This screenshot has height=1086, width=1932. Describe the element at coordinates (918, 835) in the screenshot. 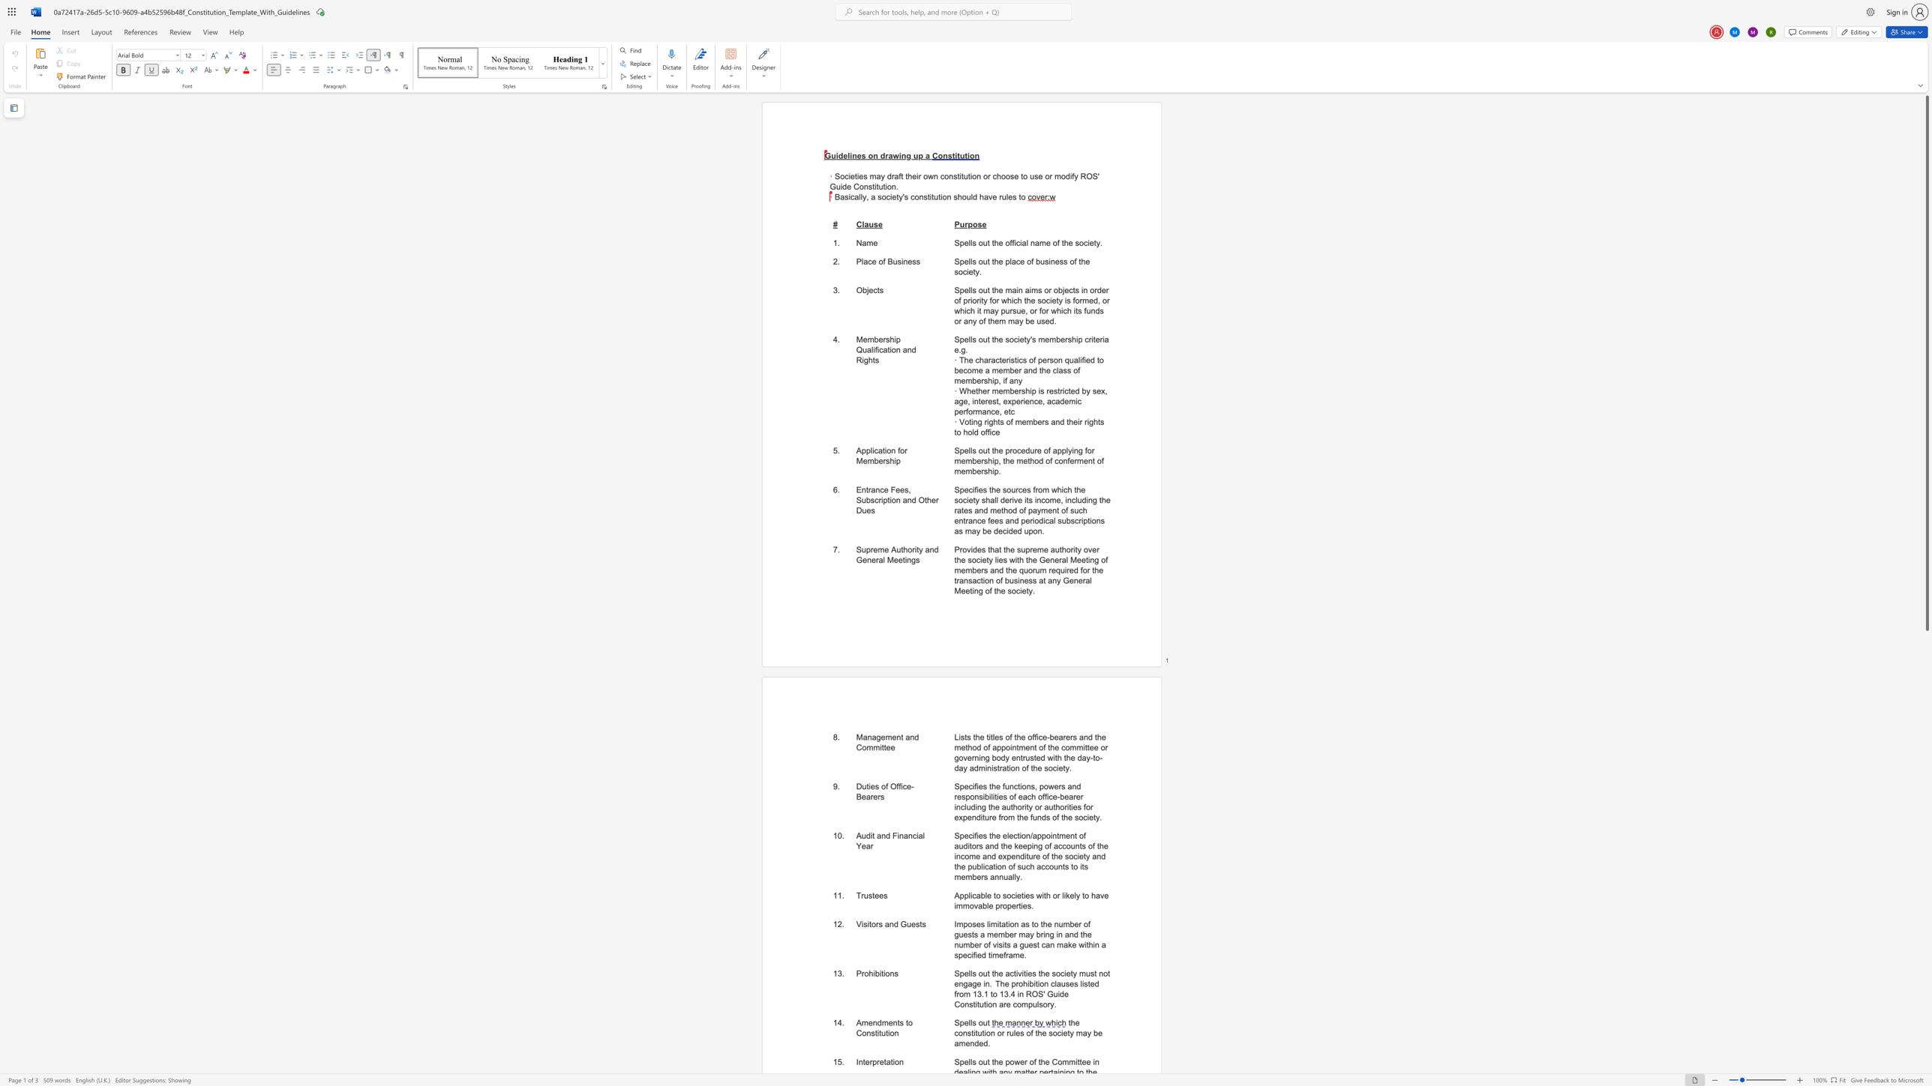

I see `the subset text "al Ye" within the text "Audit and Financial Year"` at that location.